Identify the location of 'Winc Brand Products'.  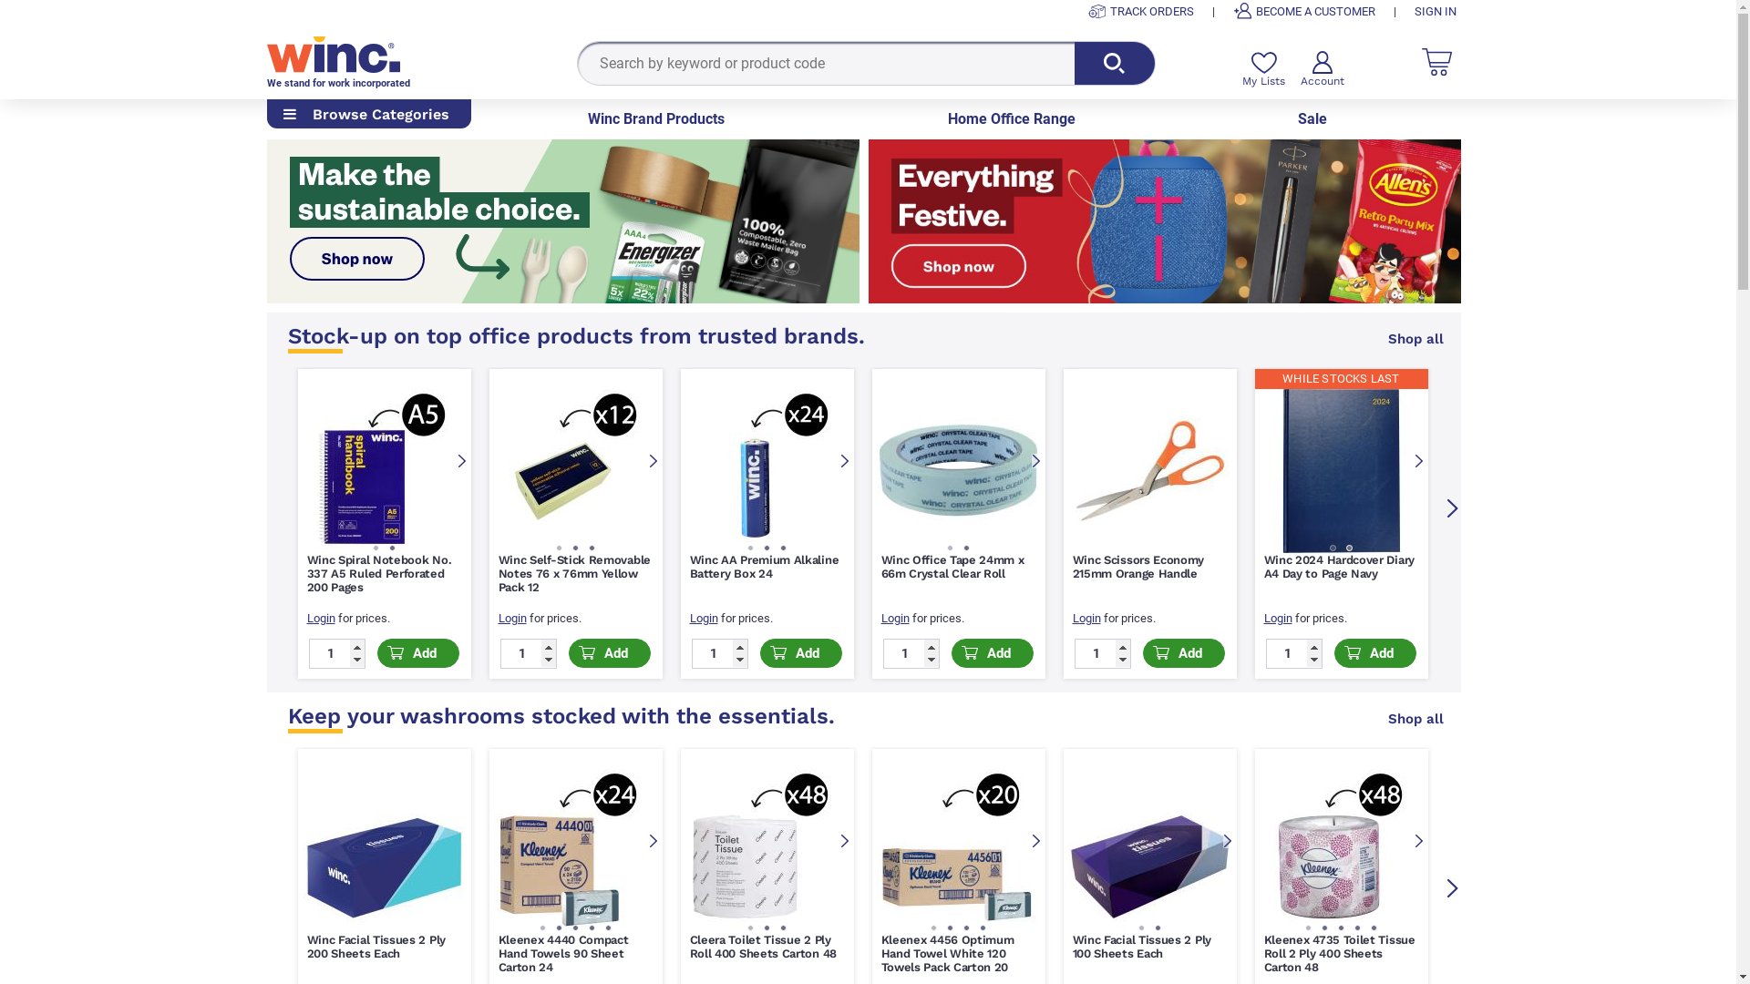
(656, 119).